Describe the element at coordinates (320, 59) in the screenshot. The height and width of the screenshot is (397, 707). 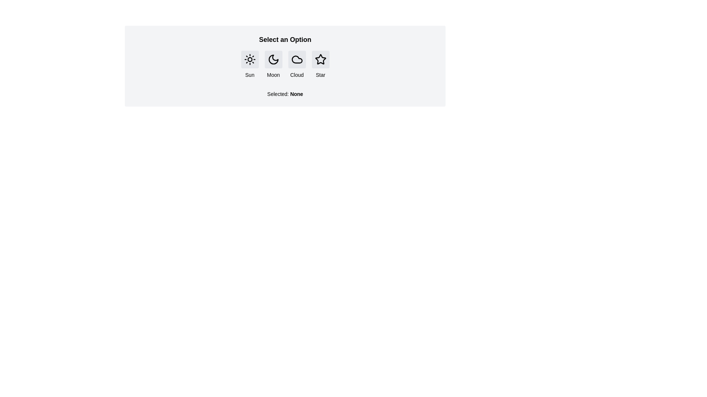
I see `the star-shaped icon with a black stroke and white fill, which is the fourth option in a horizontal row of icons` at that location.